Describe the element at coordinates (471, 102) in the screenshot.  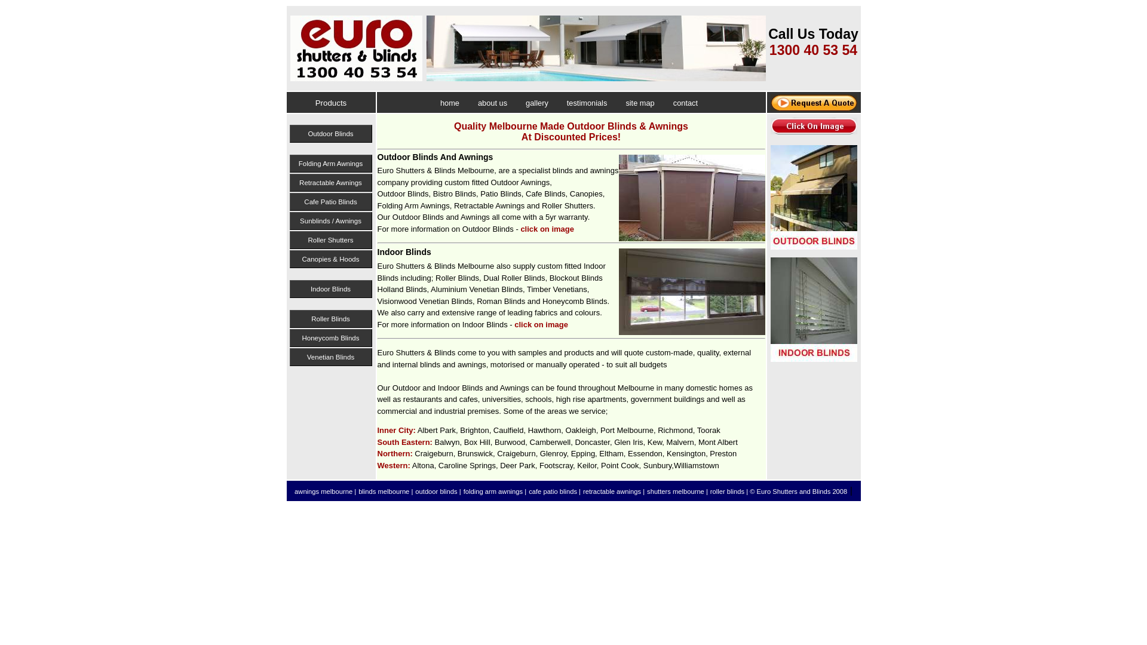
I see `'about us'` at that location.